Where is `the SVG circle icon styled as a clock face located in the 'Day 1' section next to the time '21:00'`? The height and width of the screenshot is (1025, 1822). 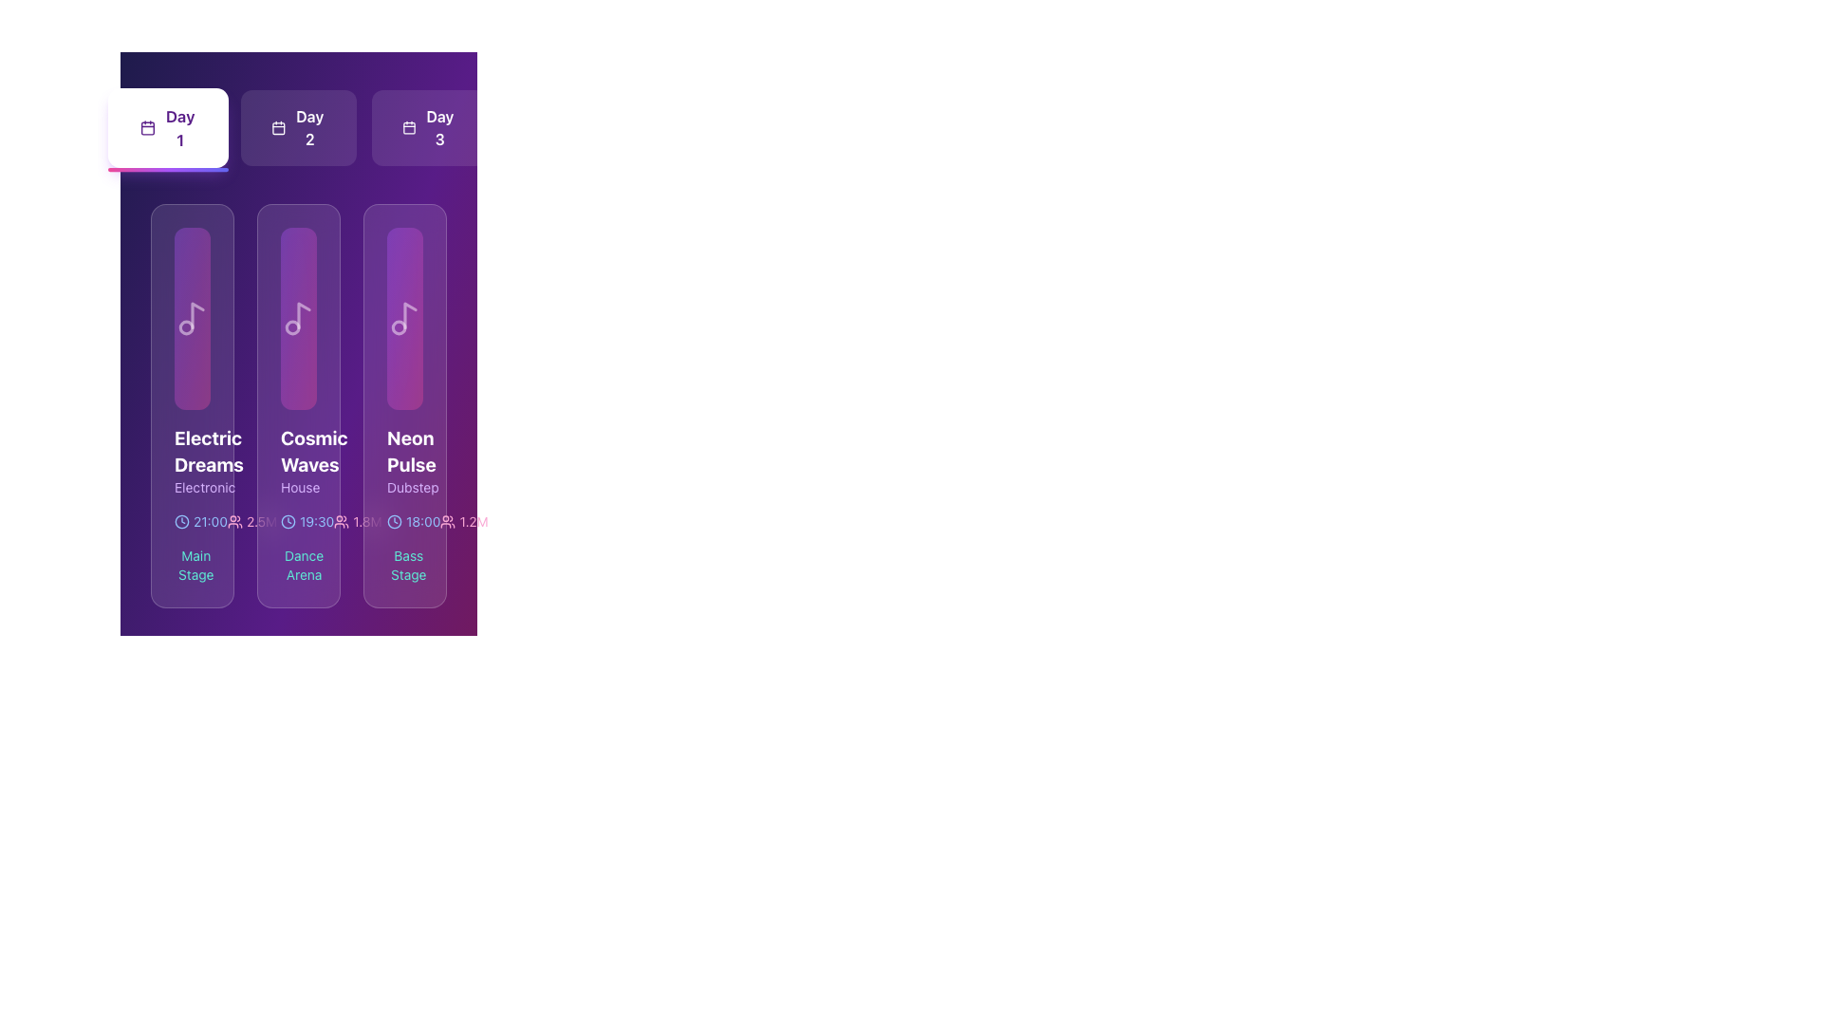
the SVG circle icon styled as a clock face located in the 'Day 1' section next to the time '21:00' is located at coordinates (182, 522).